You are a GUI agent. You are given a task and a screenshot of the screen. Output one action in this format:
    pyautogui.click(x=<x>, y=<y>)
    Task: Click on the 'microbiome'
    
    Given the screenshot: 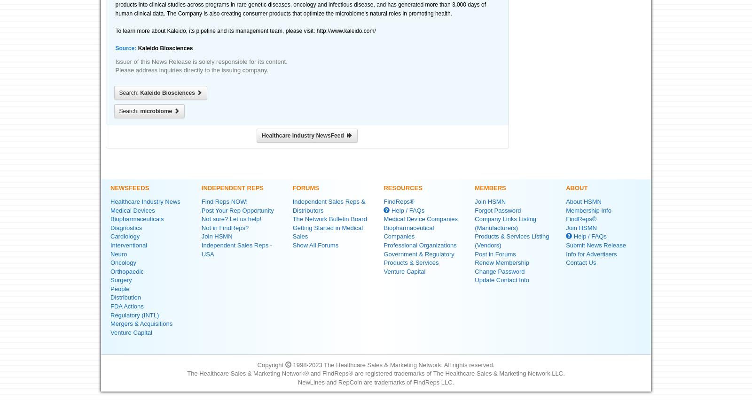 What is the action you would take?
    pyautogui.click(x=157, y=110)
    